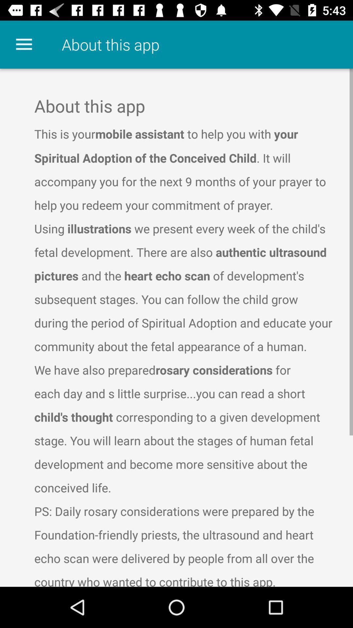  Describe the element at coordinates (24, 44) in the screenshot. I see `the icon to the left of about this app` at that location.